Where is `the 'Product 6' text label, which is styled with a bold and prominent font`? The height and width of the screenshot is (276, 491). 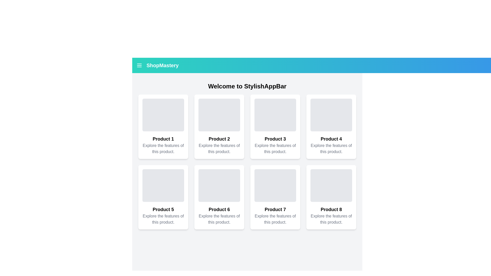
the 'Product 6' text label, which is styled with a bold and prominent font is located at coordinates (219, 210).